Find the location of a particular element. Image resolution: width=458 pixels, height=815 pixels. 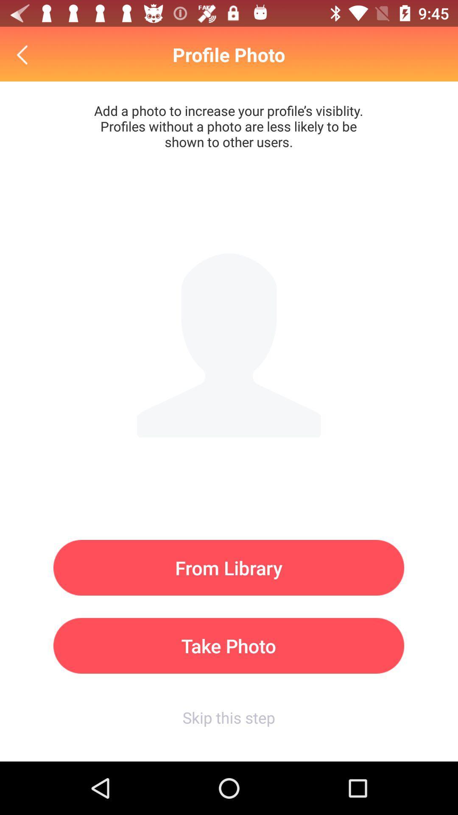

button at the top left corner is located at coordinates (24, 54).